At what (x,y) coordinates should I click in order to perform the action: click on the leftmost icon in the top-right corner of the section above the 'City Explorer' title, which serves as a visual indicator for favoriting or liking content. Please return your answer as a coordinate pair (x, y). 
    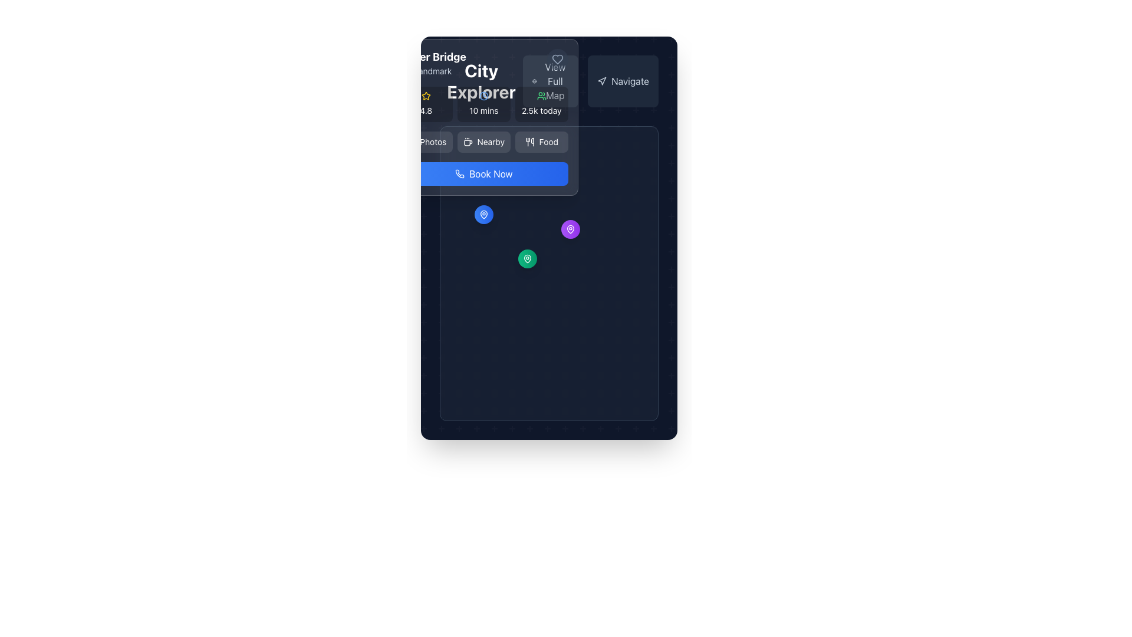
    Looking at the image, I should click on (557, 60).